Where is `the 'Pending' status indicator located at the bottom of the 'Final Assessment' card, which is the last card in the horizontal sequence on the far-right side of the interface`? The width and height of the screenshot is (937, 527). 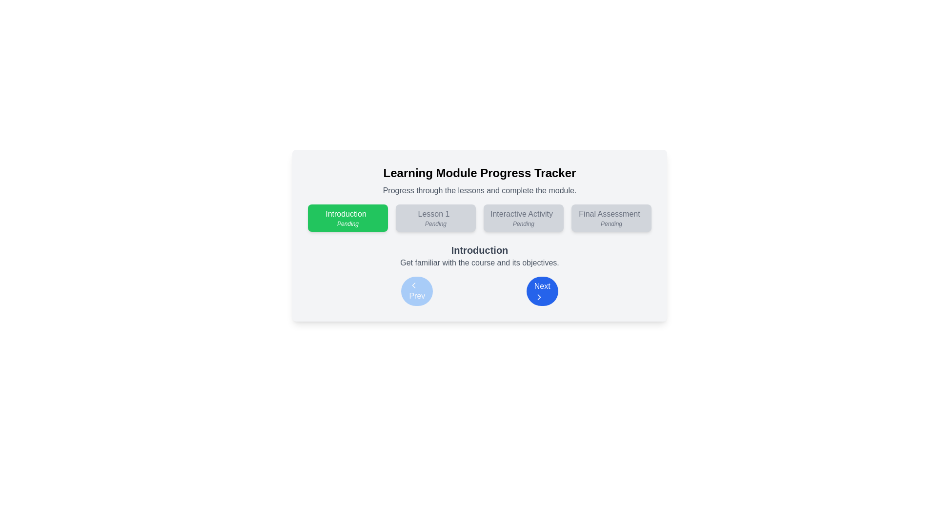
the 'Pending' status indicator located at the bottom of the 'Final Assessment' card, which is the last card in the horizontal sequence on the far-right side of the interface is located at coordinates (611, 224).